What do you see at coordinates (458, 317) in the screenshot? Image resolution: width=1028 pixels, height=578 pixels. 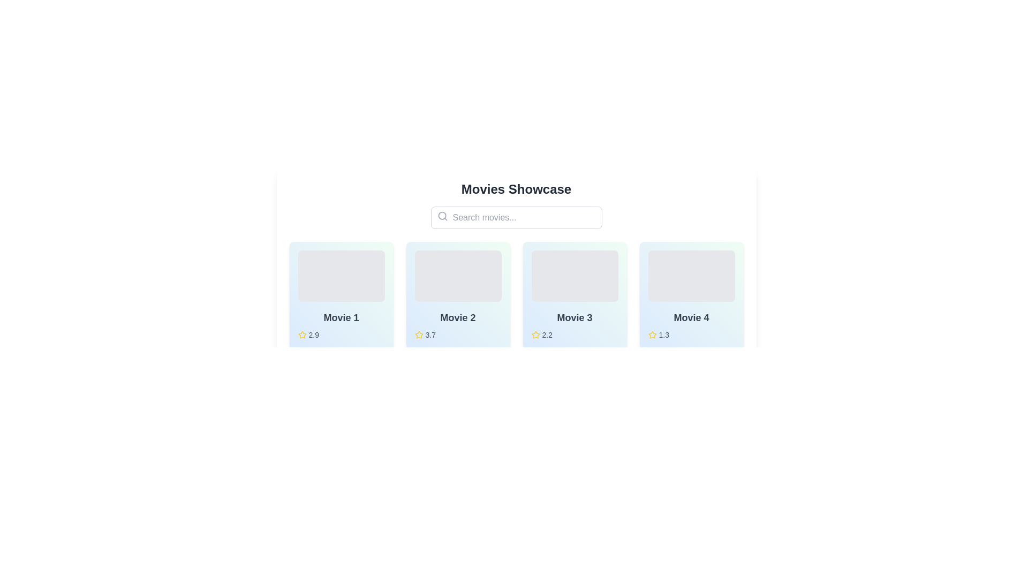 I see `the static text label that displays the movie's title in the second card of the movie collection, located beneath the image placeholder and above the star rating '3.7'` at bounding box center [458, 317].